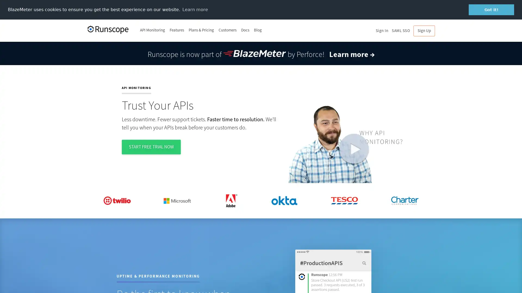 This screenshot has width=522, height=293. What do you see at coordinates (195, 9) in the screenshot?
I see `learn more about cookies` at bounding box center [195, 9].